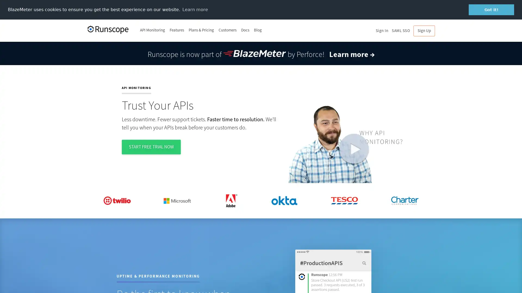 This screenshot has width=522, height=293. What do you see at coordinates (195, 9) in the screenshot?
I see `learn more about cookies` at bounding box center [195, 9].